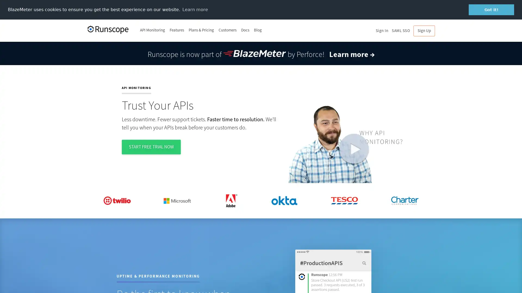 This screenshot has width=522, height=293. What do you see at coordinates (195, 9) in the screenshot?
I see `learn more about cookies` at bounding box center [195, 9].